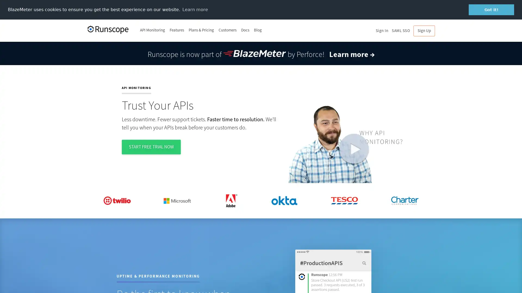 This screenshot has width=522, height=293. What do you see at coordinates (195, 9) in the screenshot?
I see `learn more about cookies` at bounding box center [195, 9].